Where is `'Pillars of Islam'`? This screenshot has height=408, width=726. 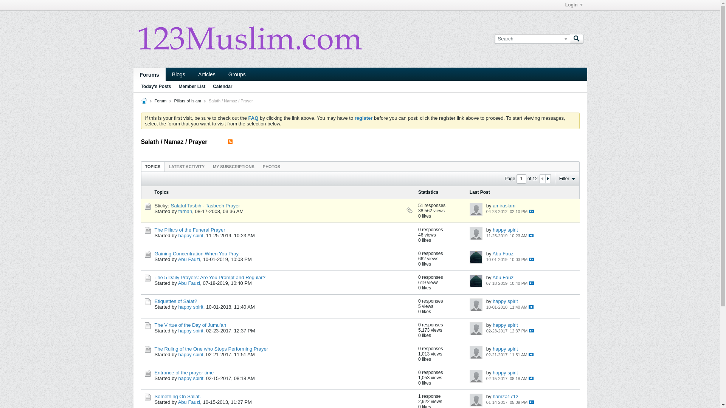
'Pillars of Islam' is located at coordinates (174, 100).